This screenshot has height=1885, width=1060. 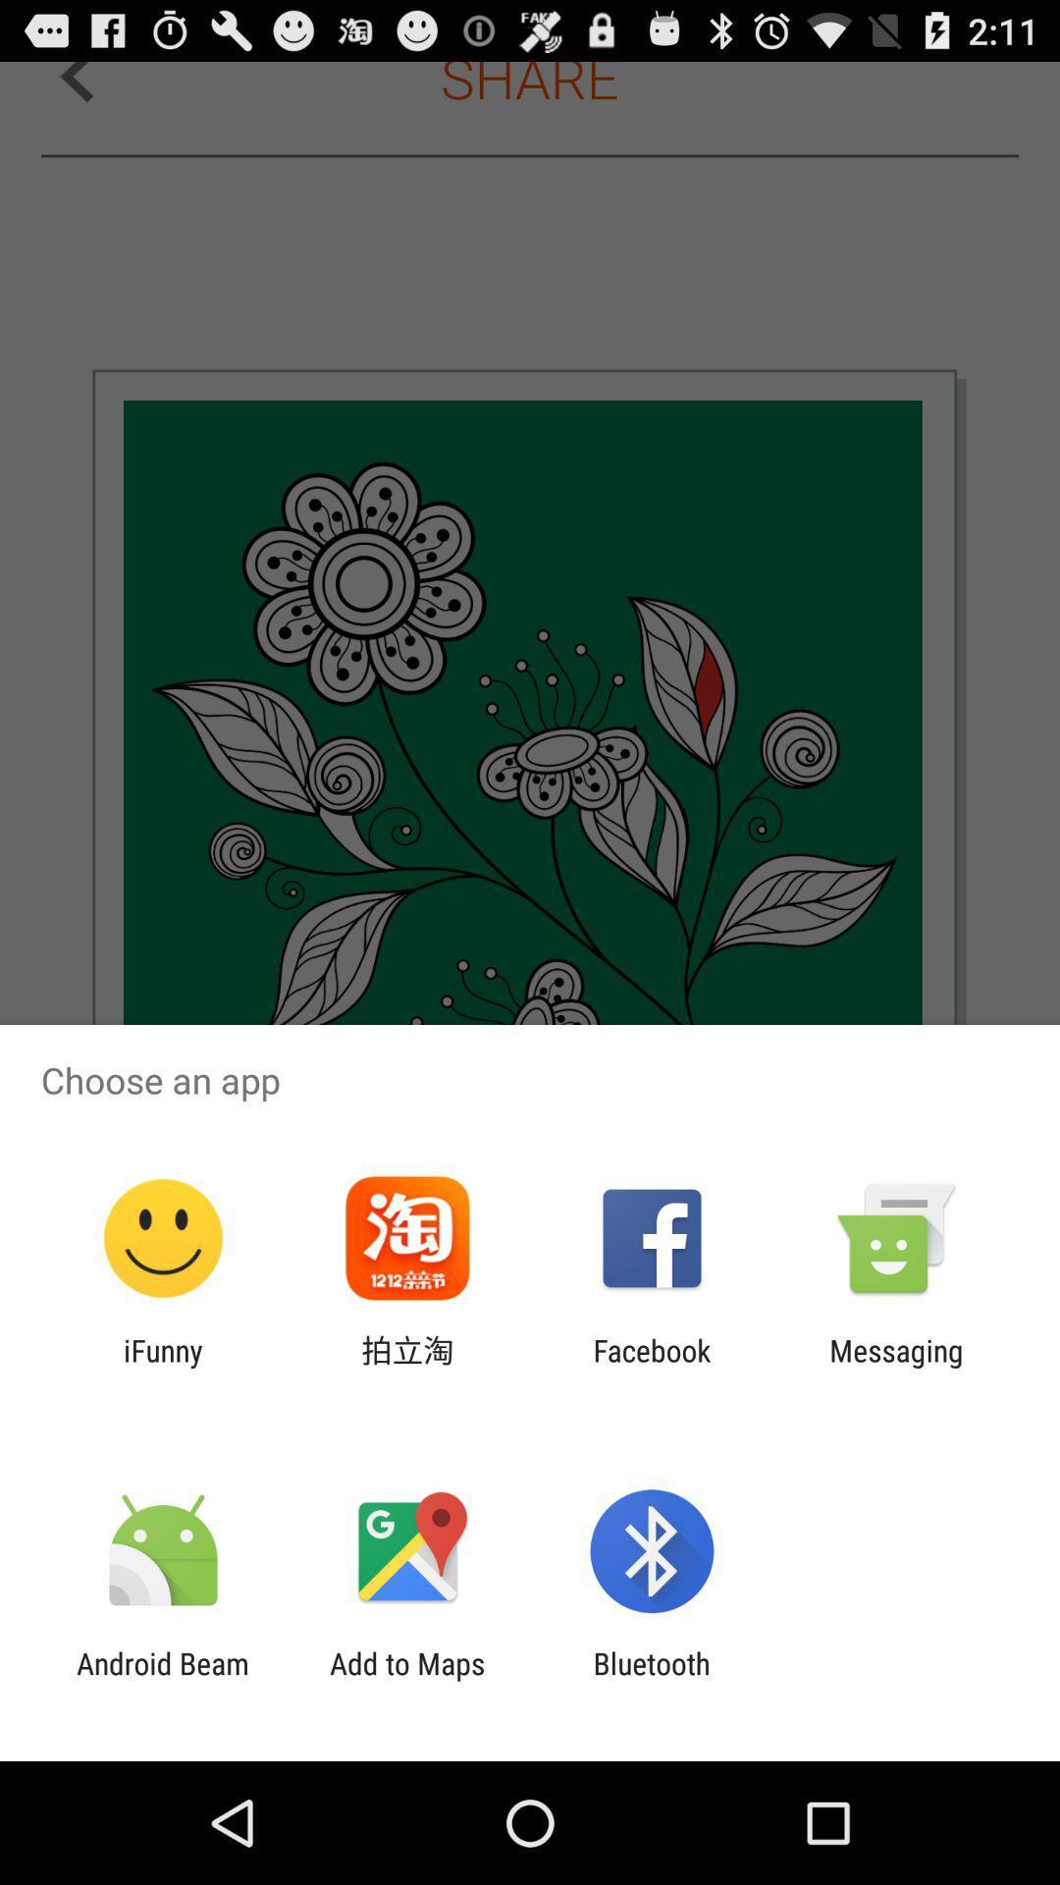 I want to click on icon next to messaging icon, so click(x=652, y=1367).